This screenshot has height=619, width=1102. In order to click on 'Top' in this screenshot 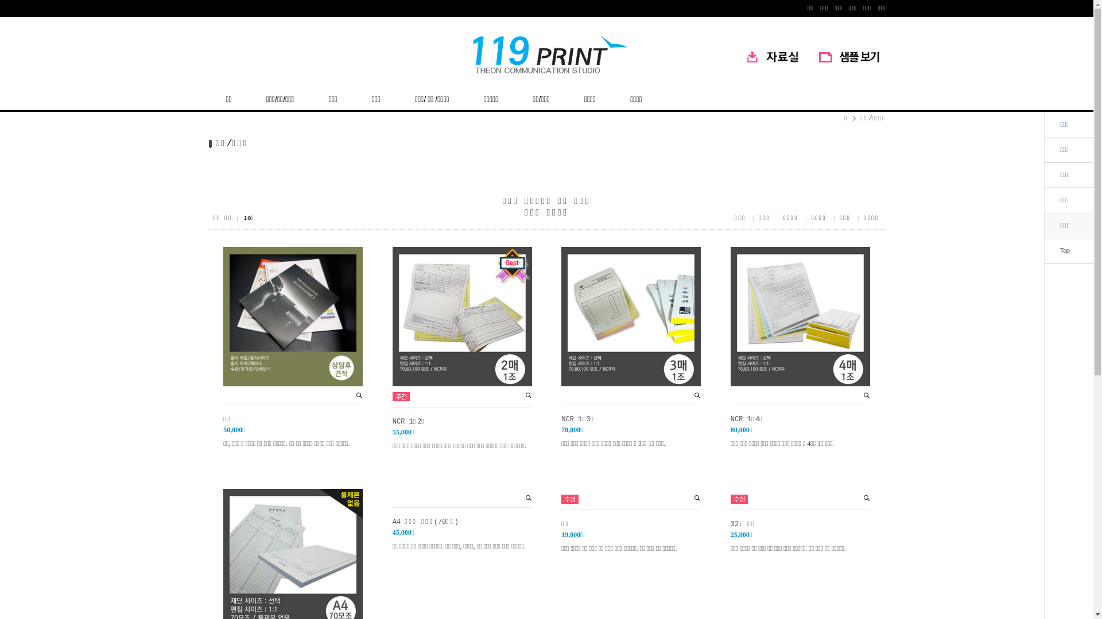, I will do `click(1064, 249)`.